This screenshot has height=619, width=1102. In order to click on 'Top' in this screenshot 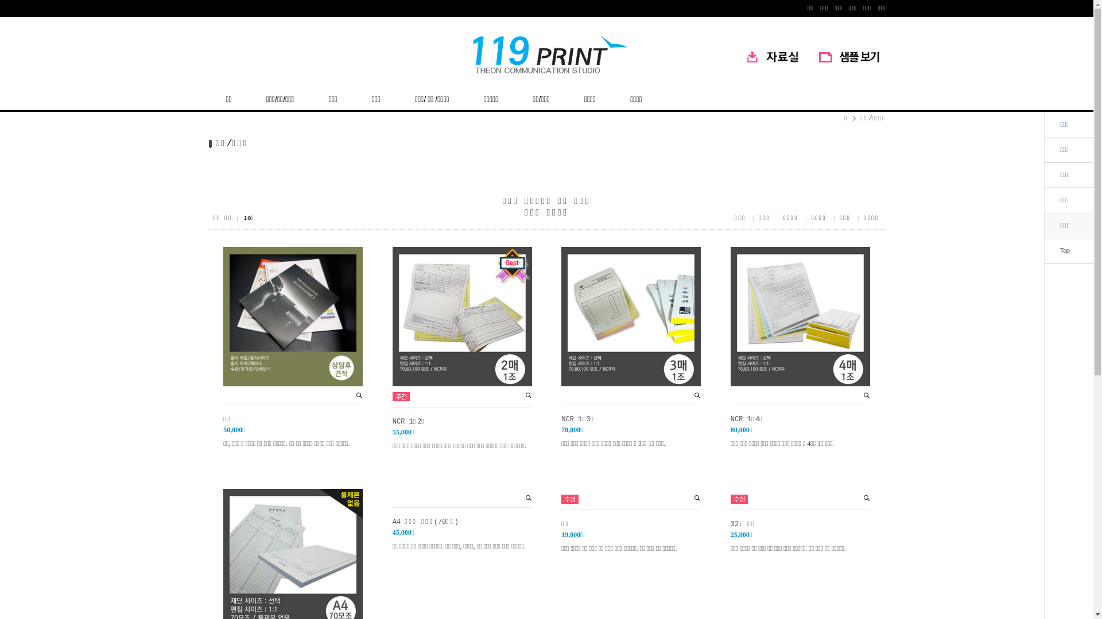, I will do `click(1064, 249)`.